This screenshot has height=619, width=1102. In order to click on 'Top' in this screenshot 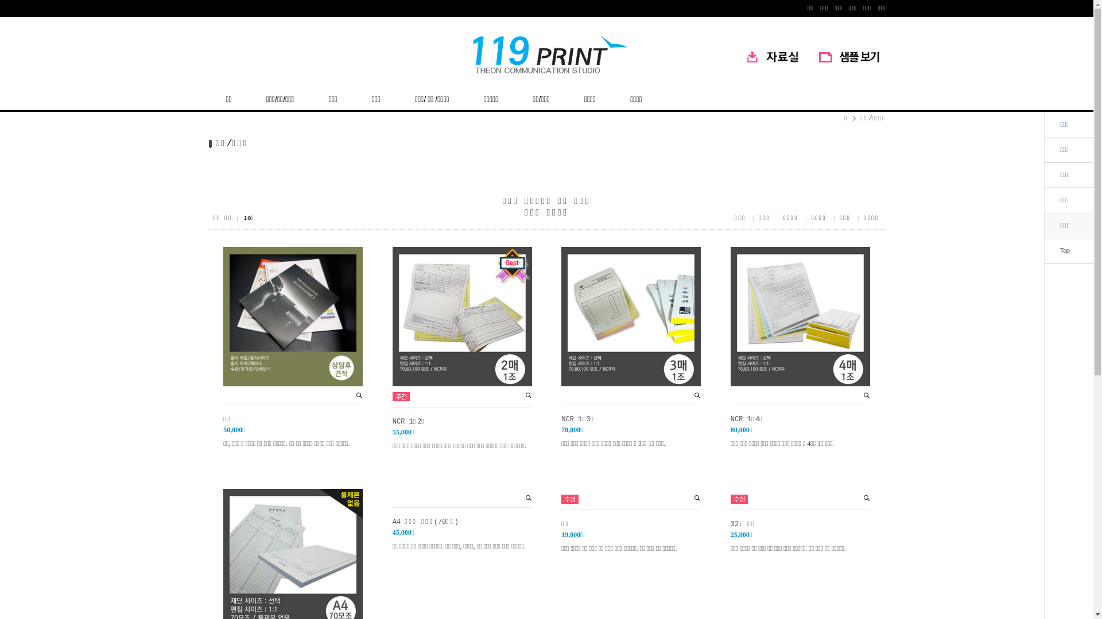, I will do `click(1064, 249)`.